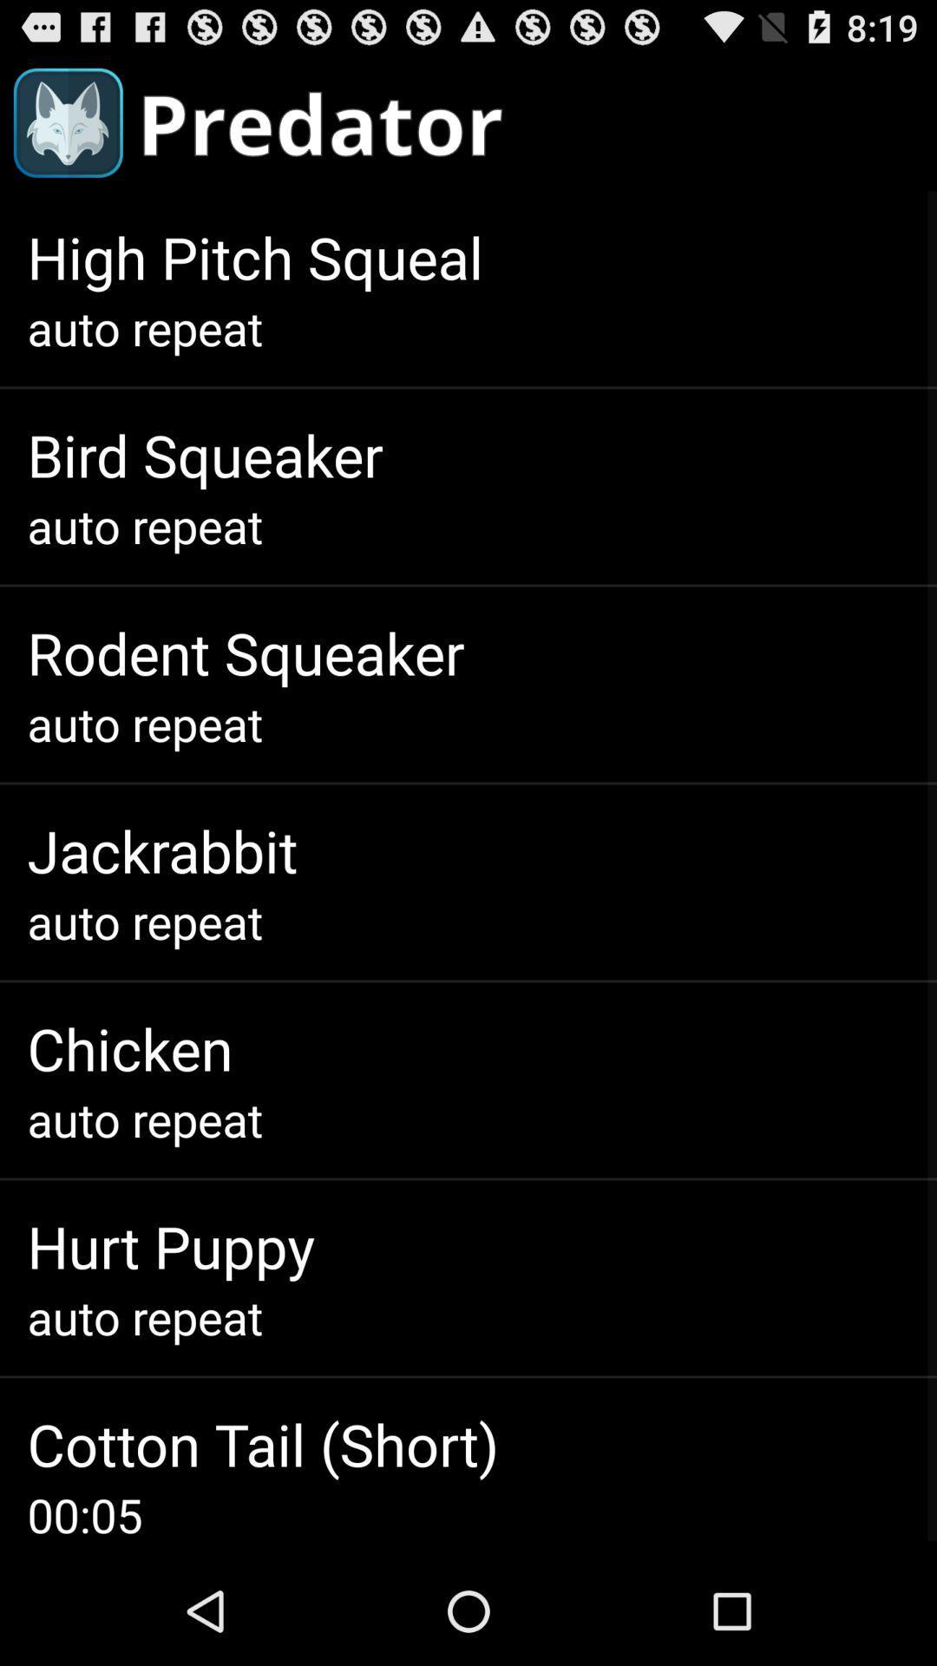 The image size is (937, 1666). I want to click on item above auto repeat app, so click(246, 652).